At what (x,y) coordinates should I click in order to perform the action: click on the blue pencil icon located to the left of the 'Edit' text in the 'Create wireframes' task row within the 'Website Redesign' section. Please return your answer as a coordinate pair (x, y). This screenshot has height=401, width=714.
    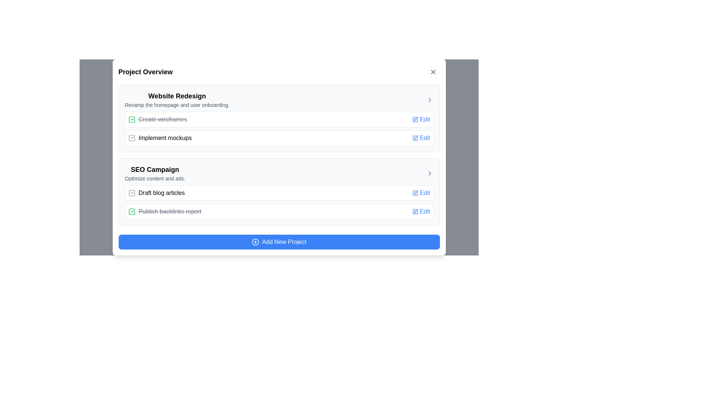
    Looking at the image, I should click on (415, 119).